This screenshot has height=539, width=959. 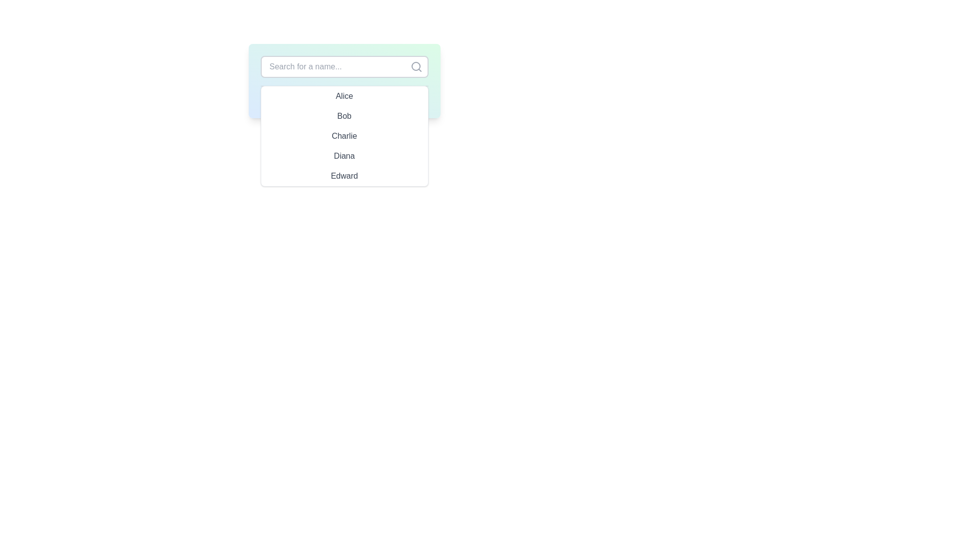 What do you see at coordinates (344, 156) in the screenshot?
I see `the fourth item in the dropdown menu` at bounding box center [344, 156].